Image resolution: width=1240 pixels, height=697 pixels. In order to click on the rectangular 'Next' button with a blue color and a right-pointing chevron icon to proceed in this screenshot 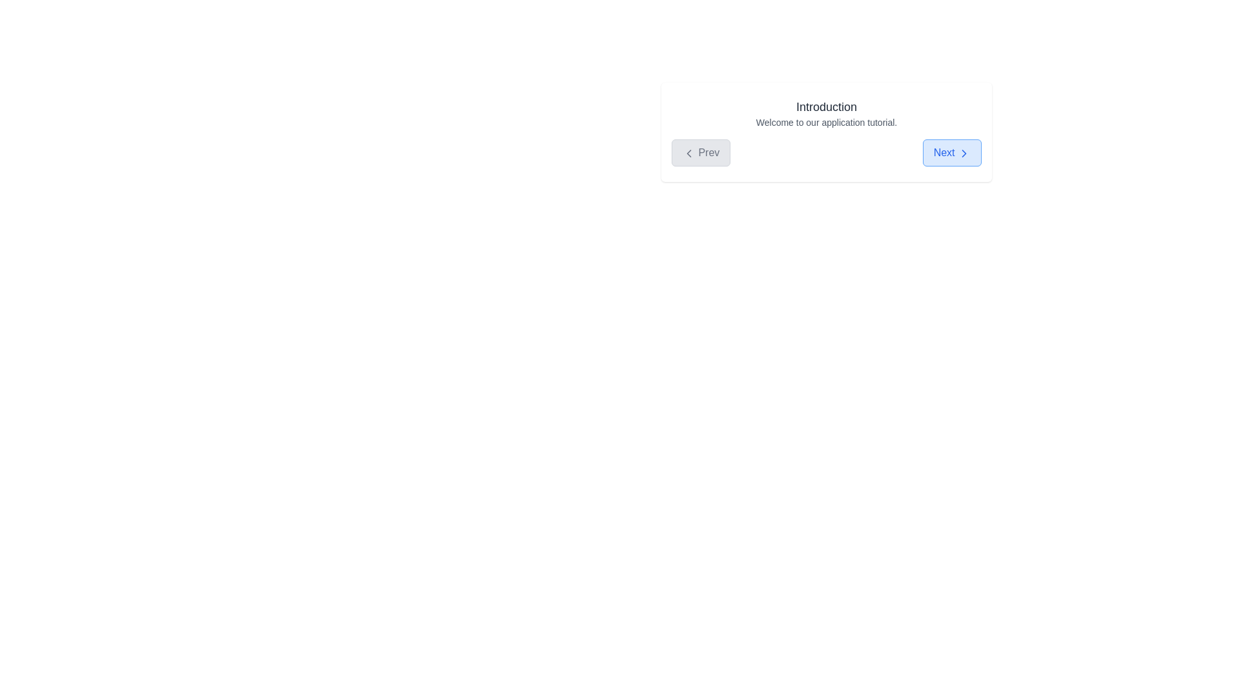, I will do `click(951, 152)`.